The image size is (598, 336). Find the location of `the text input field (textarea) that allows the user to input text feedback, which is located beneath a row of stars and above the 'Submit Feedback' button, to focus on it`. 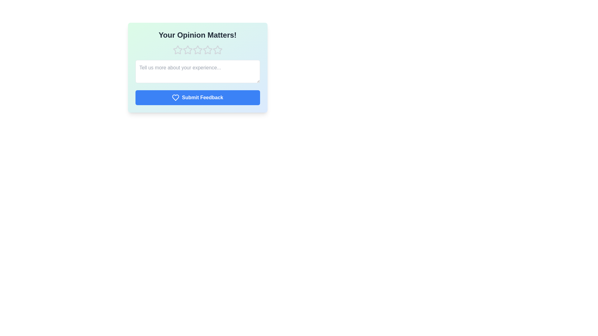

the text input field (textarea) that allows the user to input text feedback, which is located beneath a row of stars and above the 'Submit Feedback' button, to focus on it is located at coordinates (197, 71).